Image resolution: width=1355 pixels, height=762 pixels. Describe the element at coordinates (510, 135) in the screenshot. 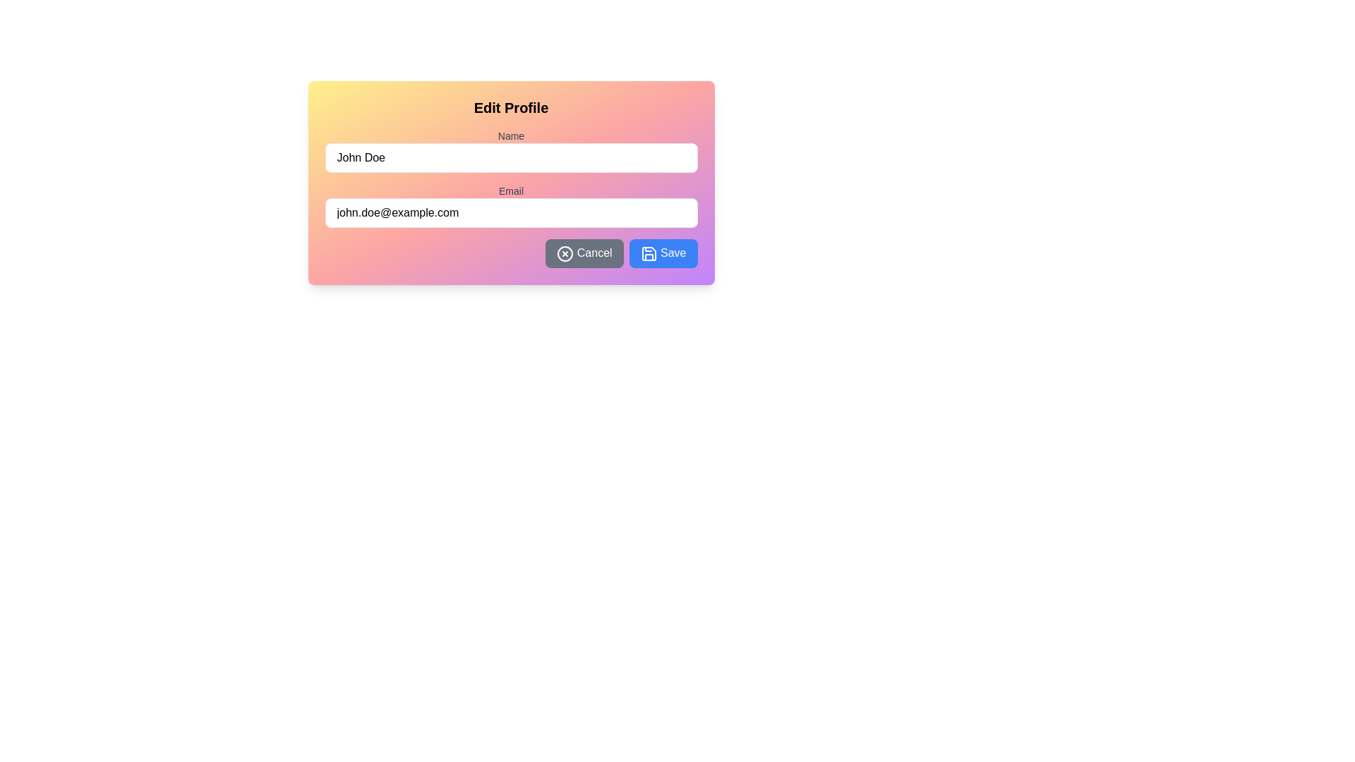

I see `the 'Name' text label that identifies the corresponding text input field below it` at that location.